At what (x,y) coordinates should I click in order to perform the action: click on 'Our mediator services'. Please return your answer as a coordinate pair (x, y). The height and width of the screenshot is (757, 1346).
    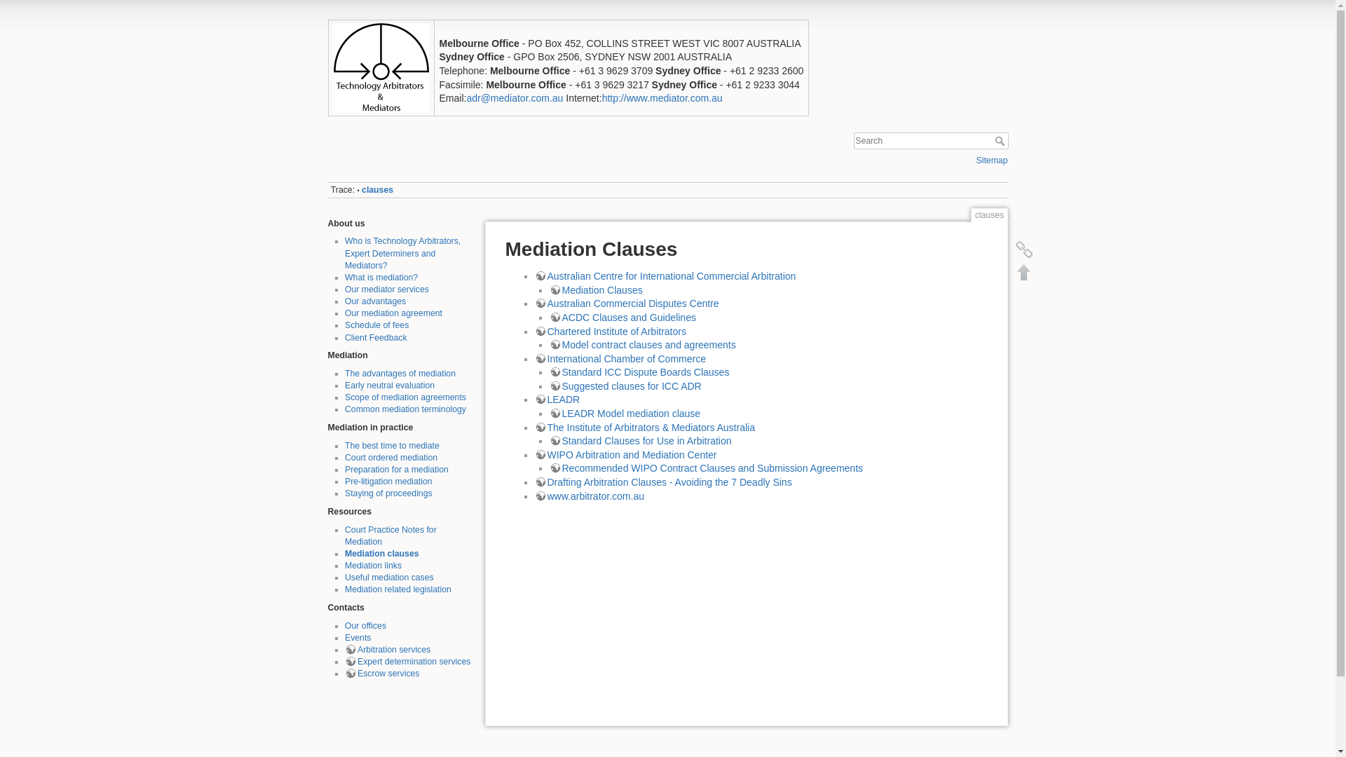
    Looking at the image, I should click on (387, 288).